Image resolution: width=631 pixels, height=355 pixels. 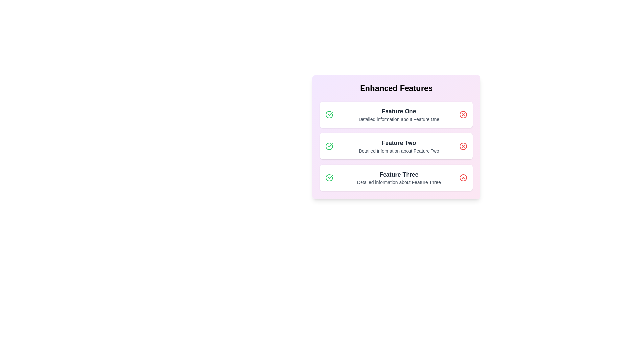 What do you see at coordinates (463, 114) in the screenshot?
I see `the remove button for the feature identified by Feature One` at bounding box center [463, 114].